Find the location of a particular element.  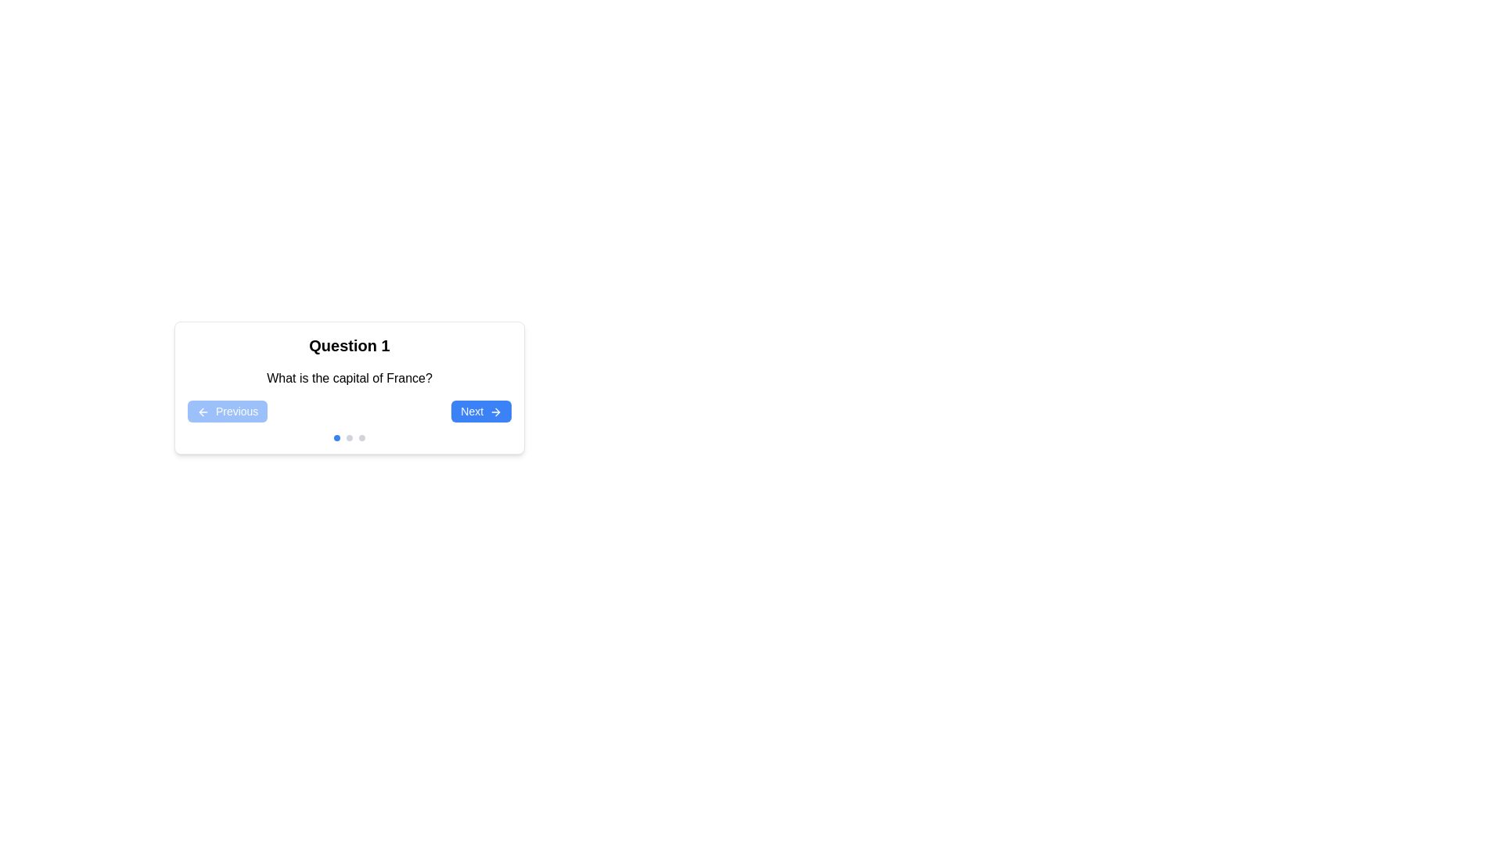

the right-facing arrow icon within the blue 'Next' button located at the bottom-right of the card displaying 'Question 1' is located at coordinates (494, 412).